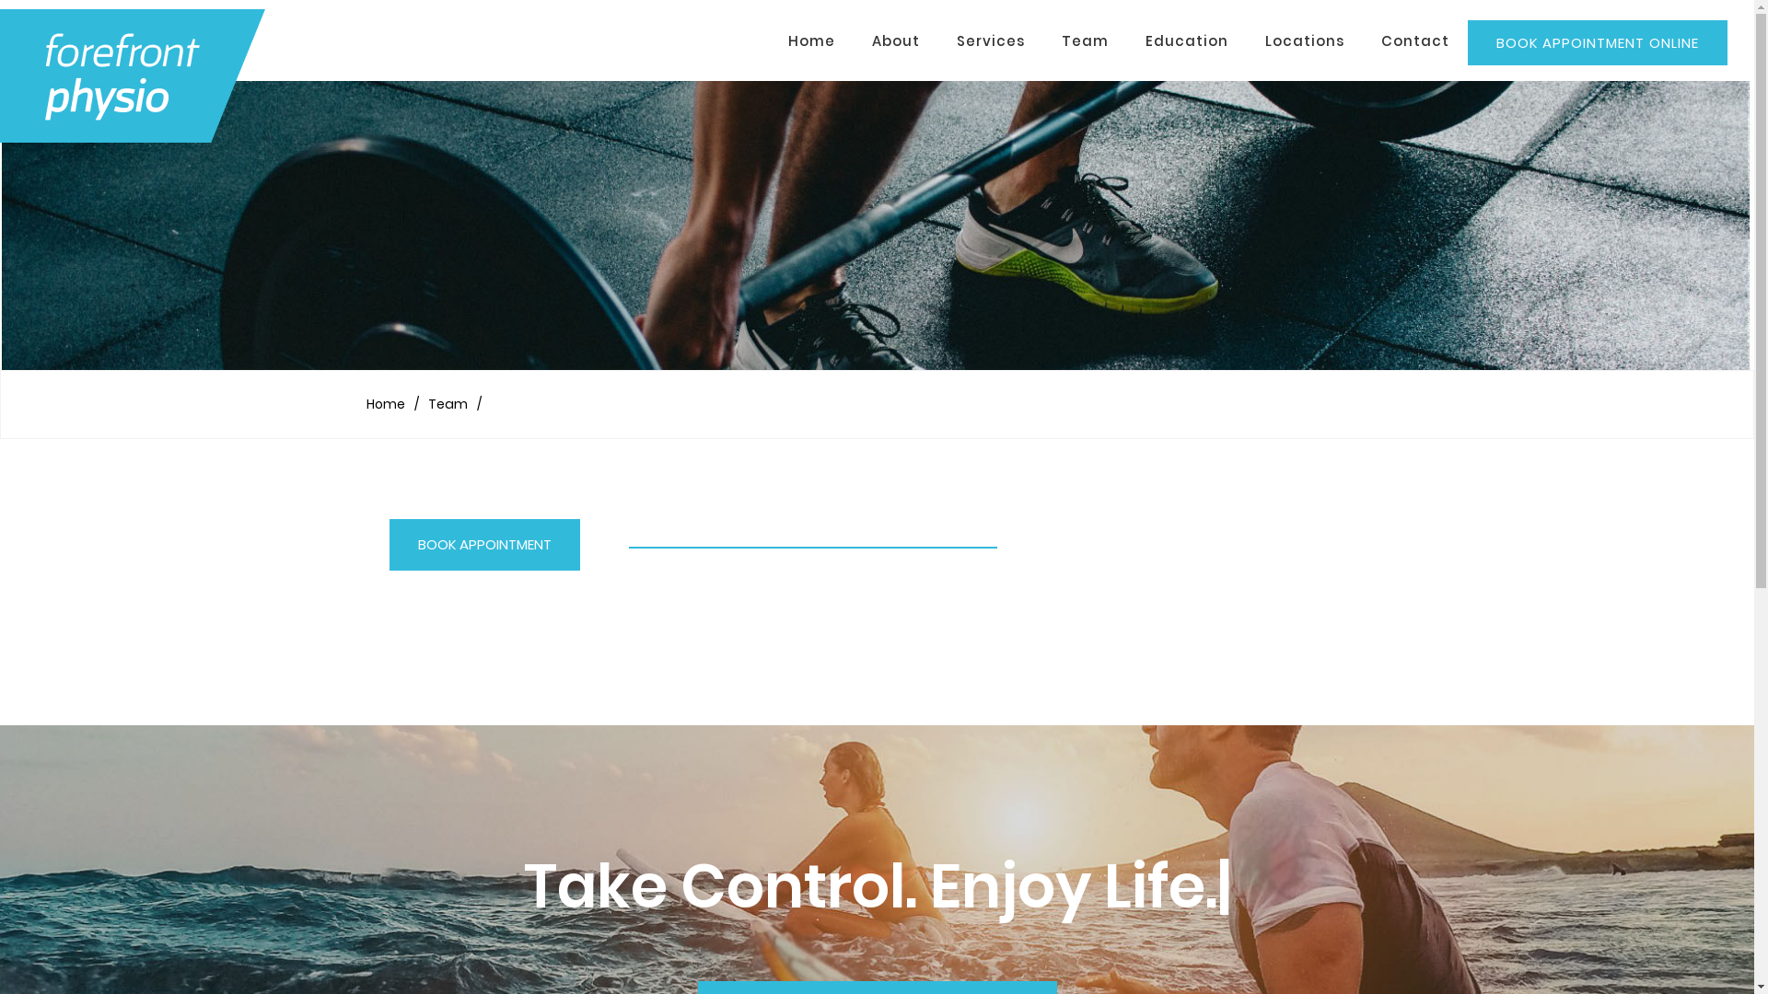 This screenshot has width=1768, height=994. I want to click on 'Locations', so click(1303, 41).